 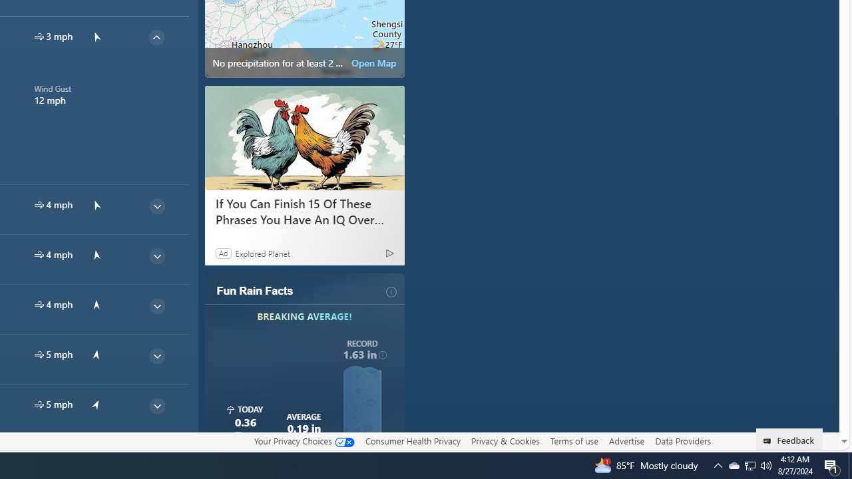 What do you see at coordinates (574, 440) in the screenshot?
I see `'Terms of use'` at bounding box center [574, 440].